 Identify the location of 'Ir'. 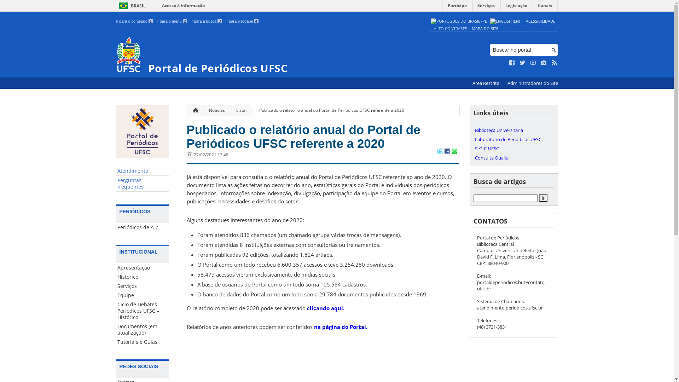
(543, 198).